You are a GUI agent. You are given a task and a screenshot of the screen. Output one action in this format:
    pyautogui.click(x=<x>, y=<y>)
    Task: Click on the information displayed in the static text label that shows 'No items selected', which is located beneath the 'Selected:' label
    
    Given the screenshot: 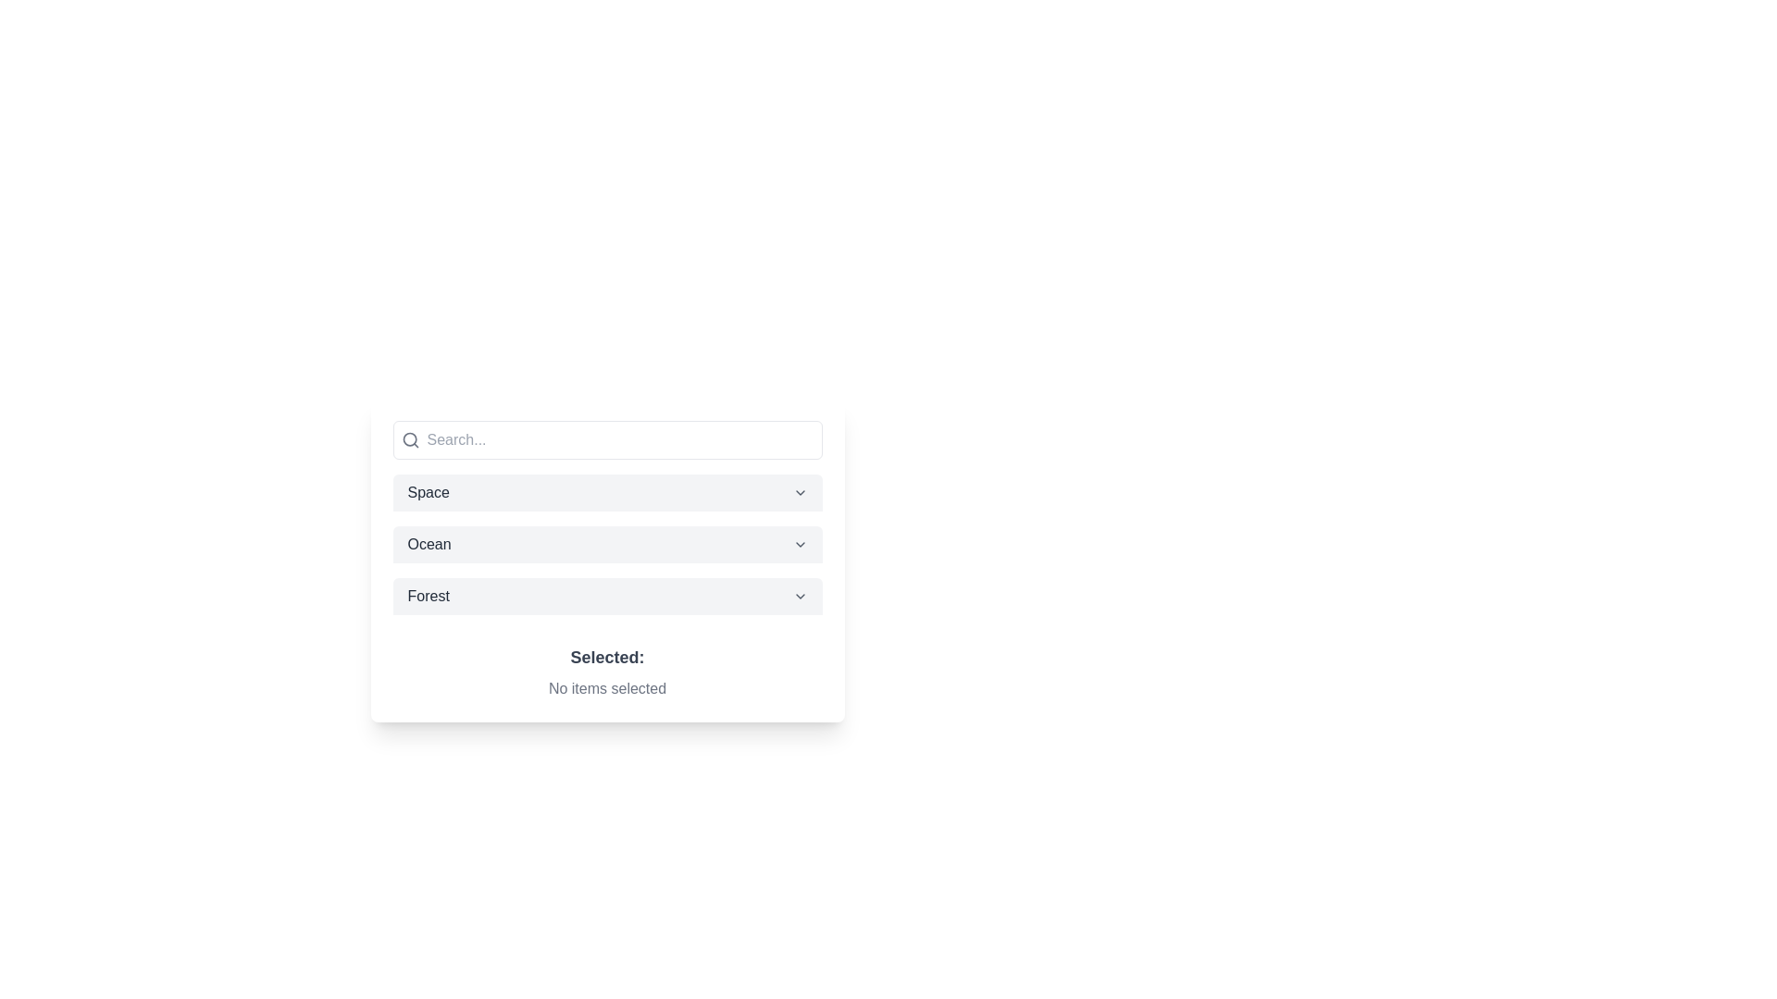 What is the action you would take?
    pyautogui.click(x=607, y=688)
    